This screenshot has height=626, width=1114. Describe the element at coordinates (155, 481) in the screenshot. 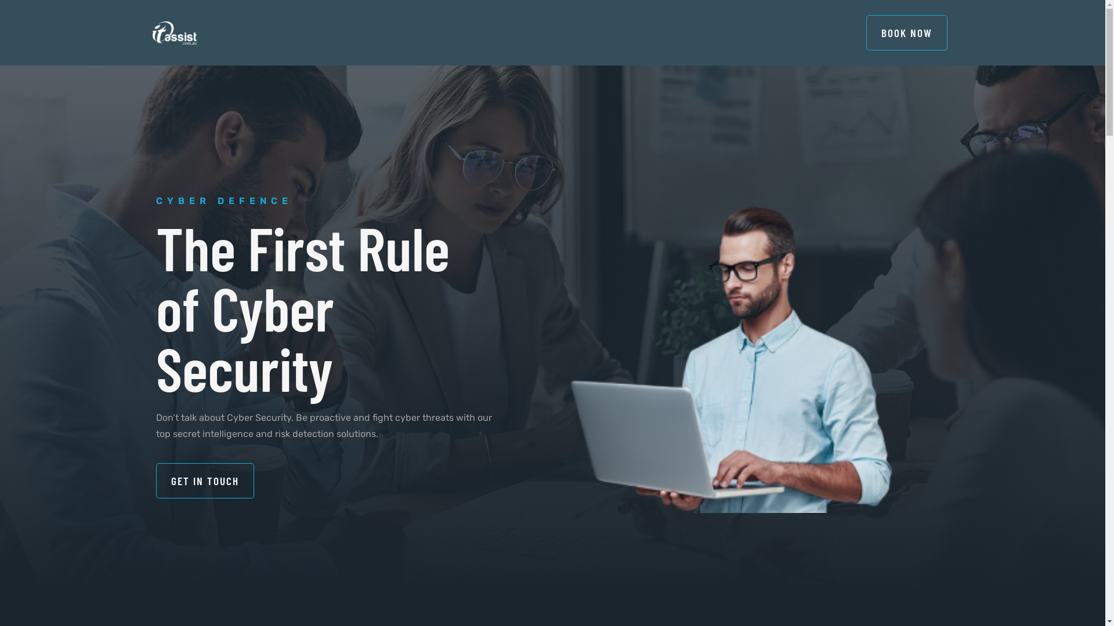

I see `'GET IN TOUCH'` at that location.